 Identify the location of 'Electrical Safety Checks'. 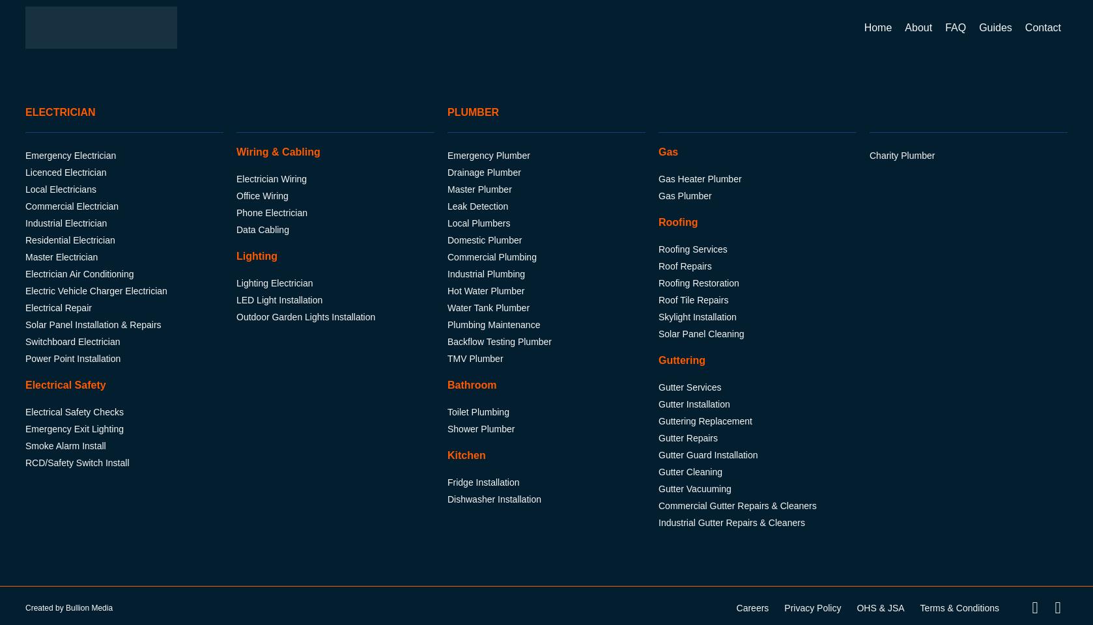
(74, 411).